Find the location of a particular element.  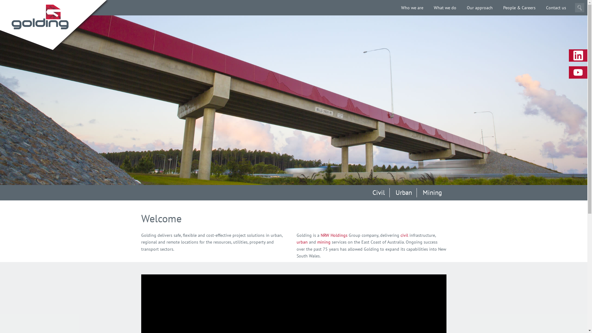

'NRW Holdings' is located at coordinates (334, 235).